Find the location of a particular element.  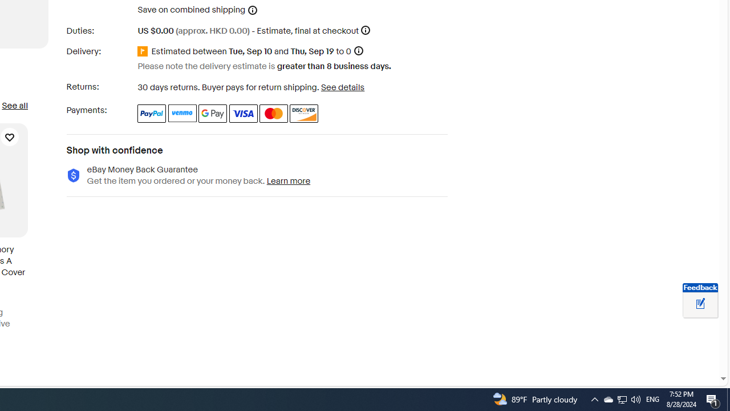

'PayPal' is located at coordinates (151, 113).